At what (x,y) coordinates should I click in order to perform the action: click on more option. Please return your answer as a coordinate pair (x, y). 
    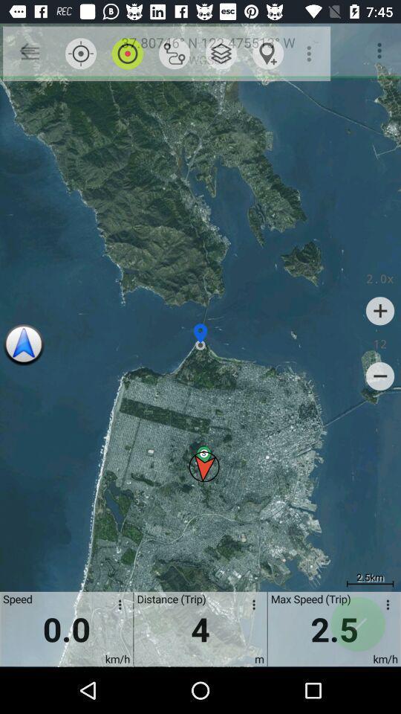
    Looking at the image, I should click on (385, 607).